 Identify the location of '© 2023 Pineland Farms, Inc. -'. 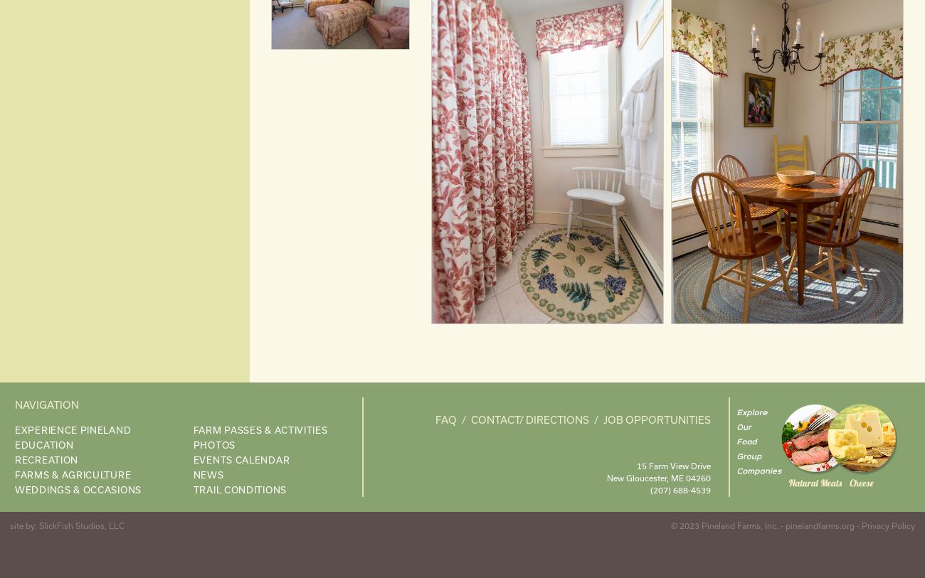
(671, 525).